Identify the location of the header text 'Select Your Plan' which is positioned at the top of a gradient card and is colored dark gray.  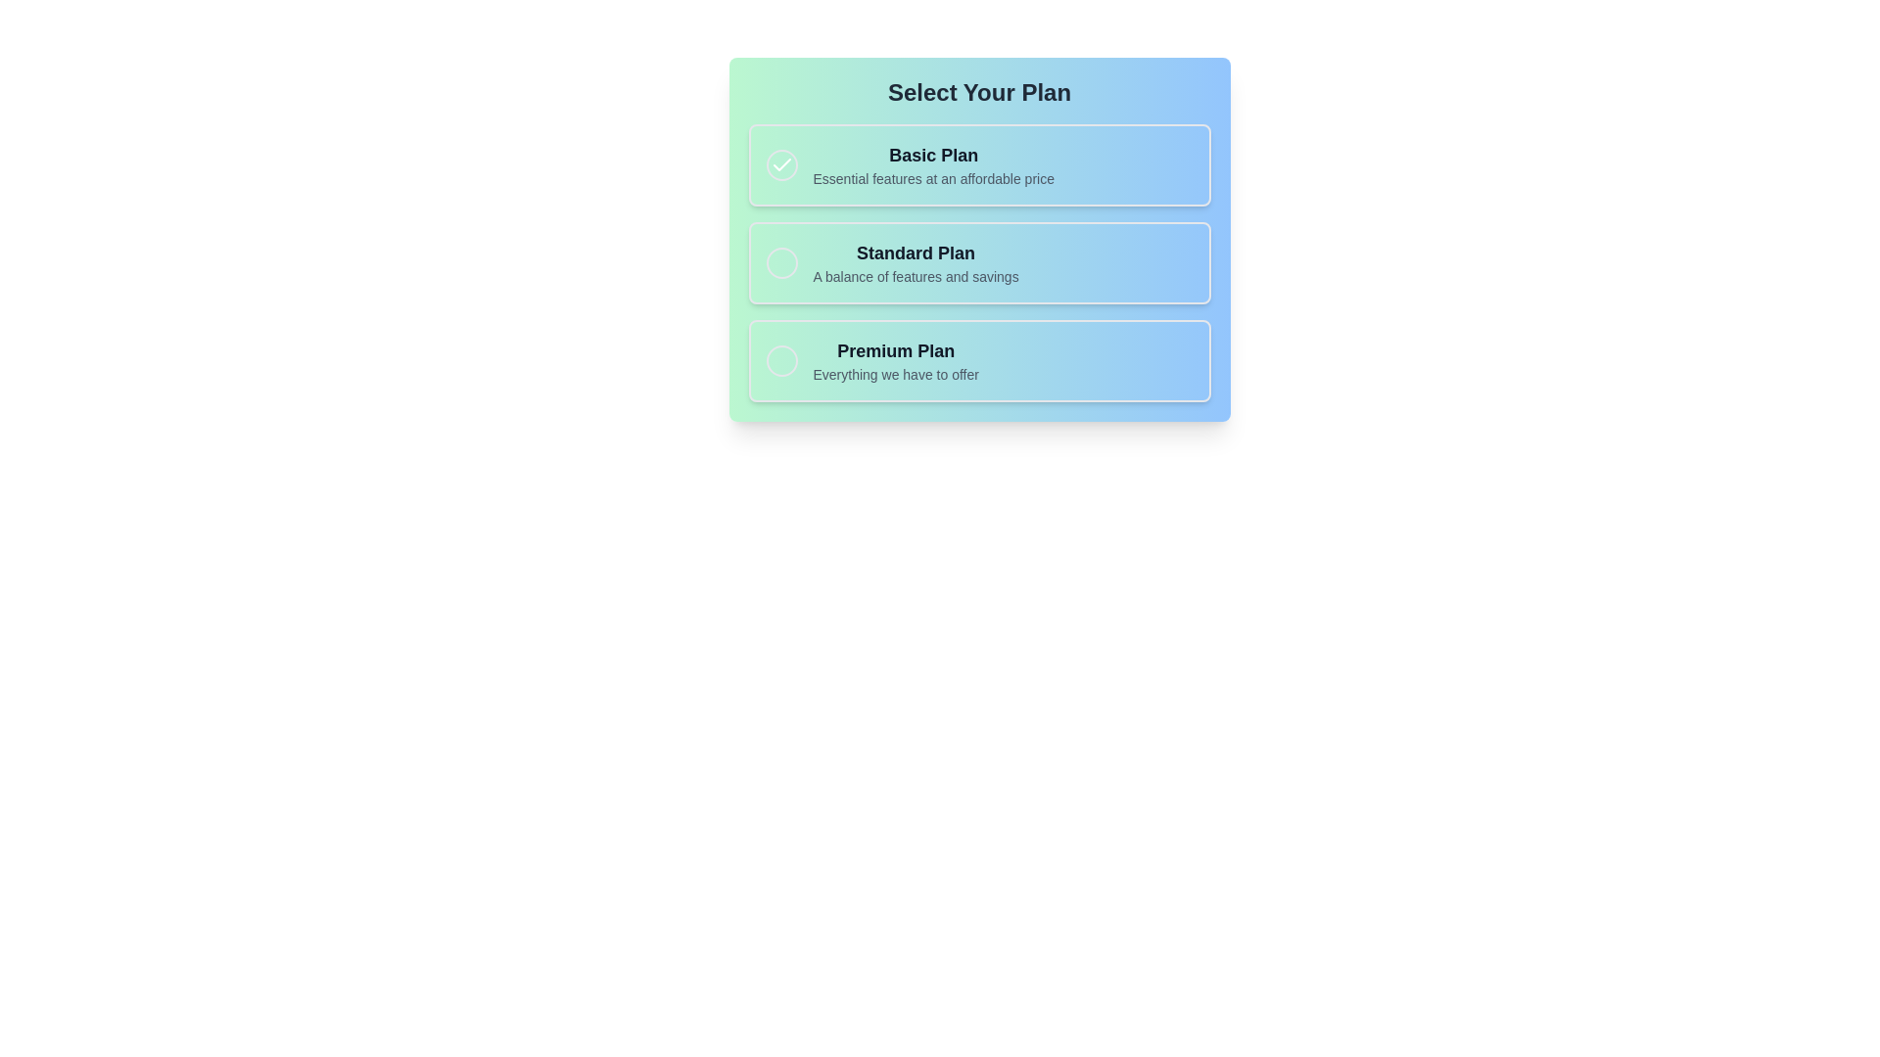
(979, 93).